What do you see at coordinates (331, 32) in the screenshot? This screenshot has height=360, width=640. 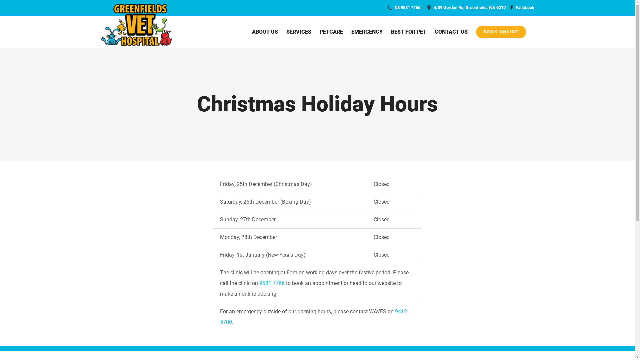 I see `'PETCARE'` at bounding box center [331, 32].